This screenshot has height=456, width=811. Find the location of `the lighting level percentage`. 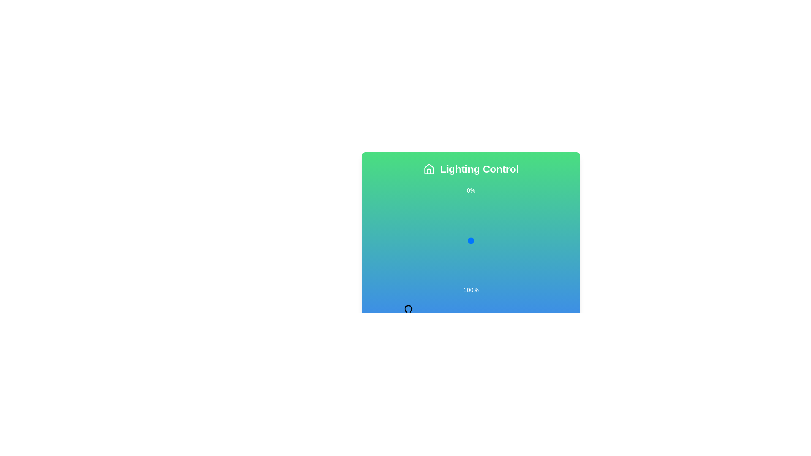

the lighting level percentage is located at coordinates (453, 240).